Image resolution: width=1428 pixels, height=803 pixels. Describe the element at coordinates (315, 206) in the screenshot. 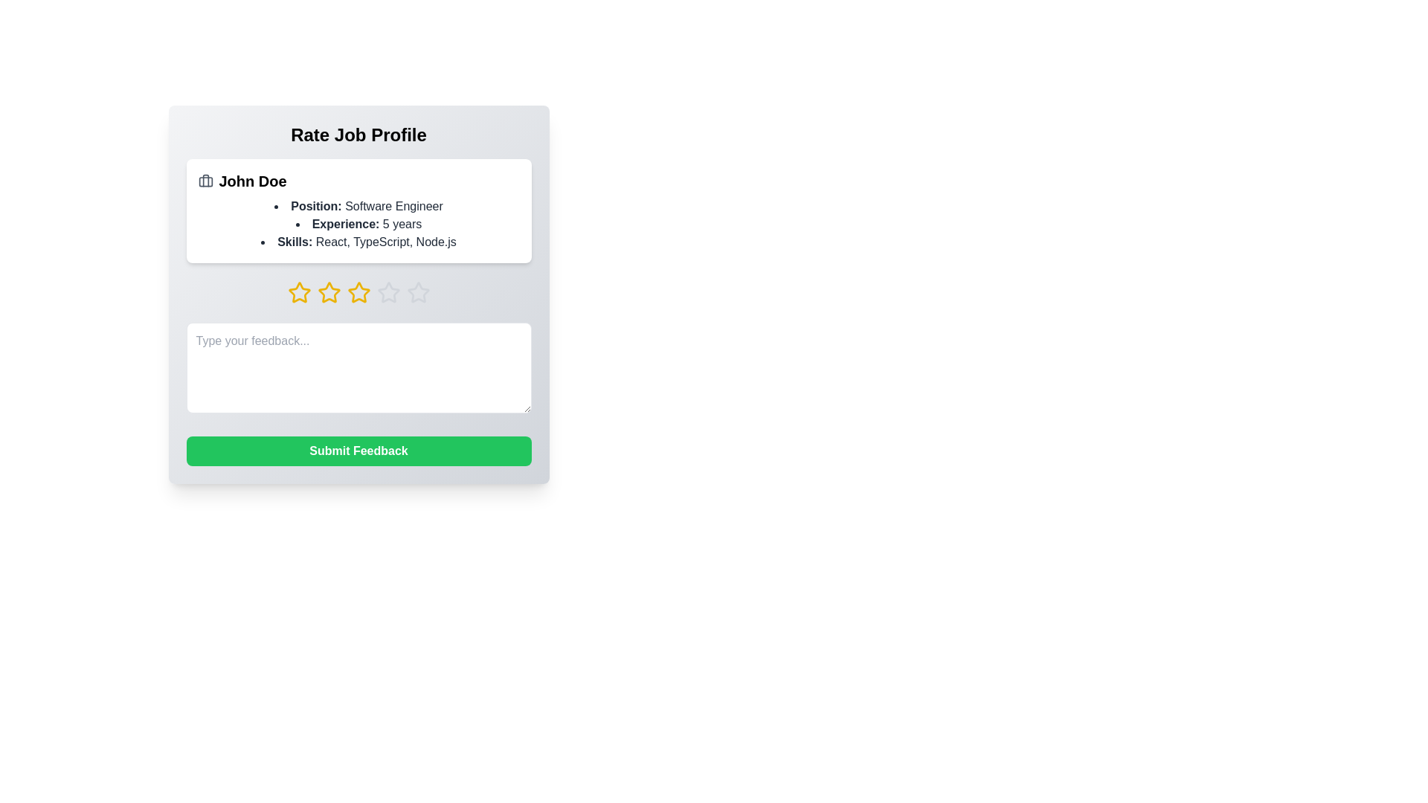

I see `the label text that indicates the user's role or title, which is located in the top section of the profile card, to the left of 'Software Engineer' and below the name header` at that location.